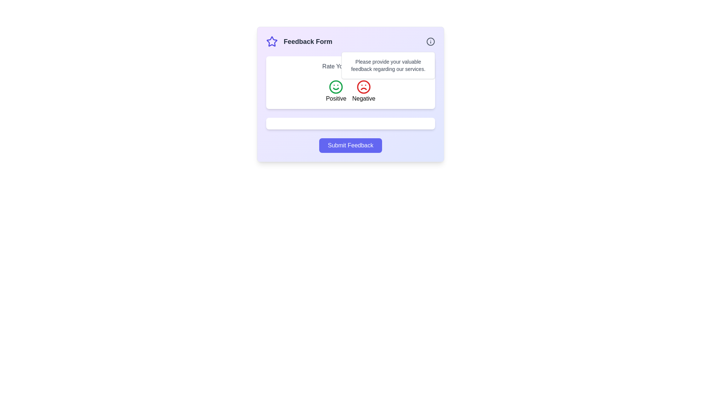 The width and height of the screenshot is (702, 395). I want to click on the circular green smiley face icon representing a button for feedback, located in the 'Rate Your Experience' section of the feedback form, so click(336, 87).